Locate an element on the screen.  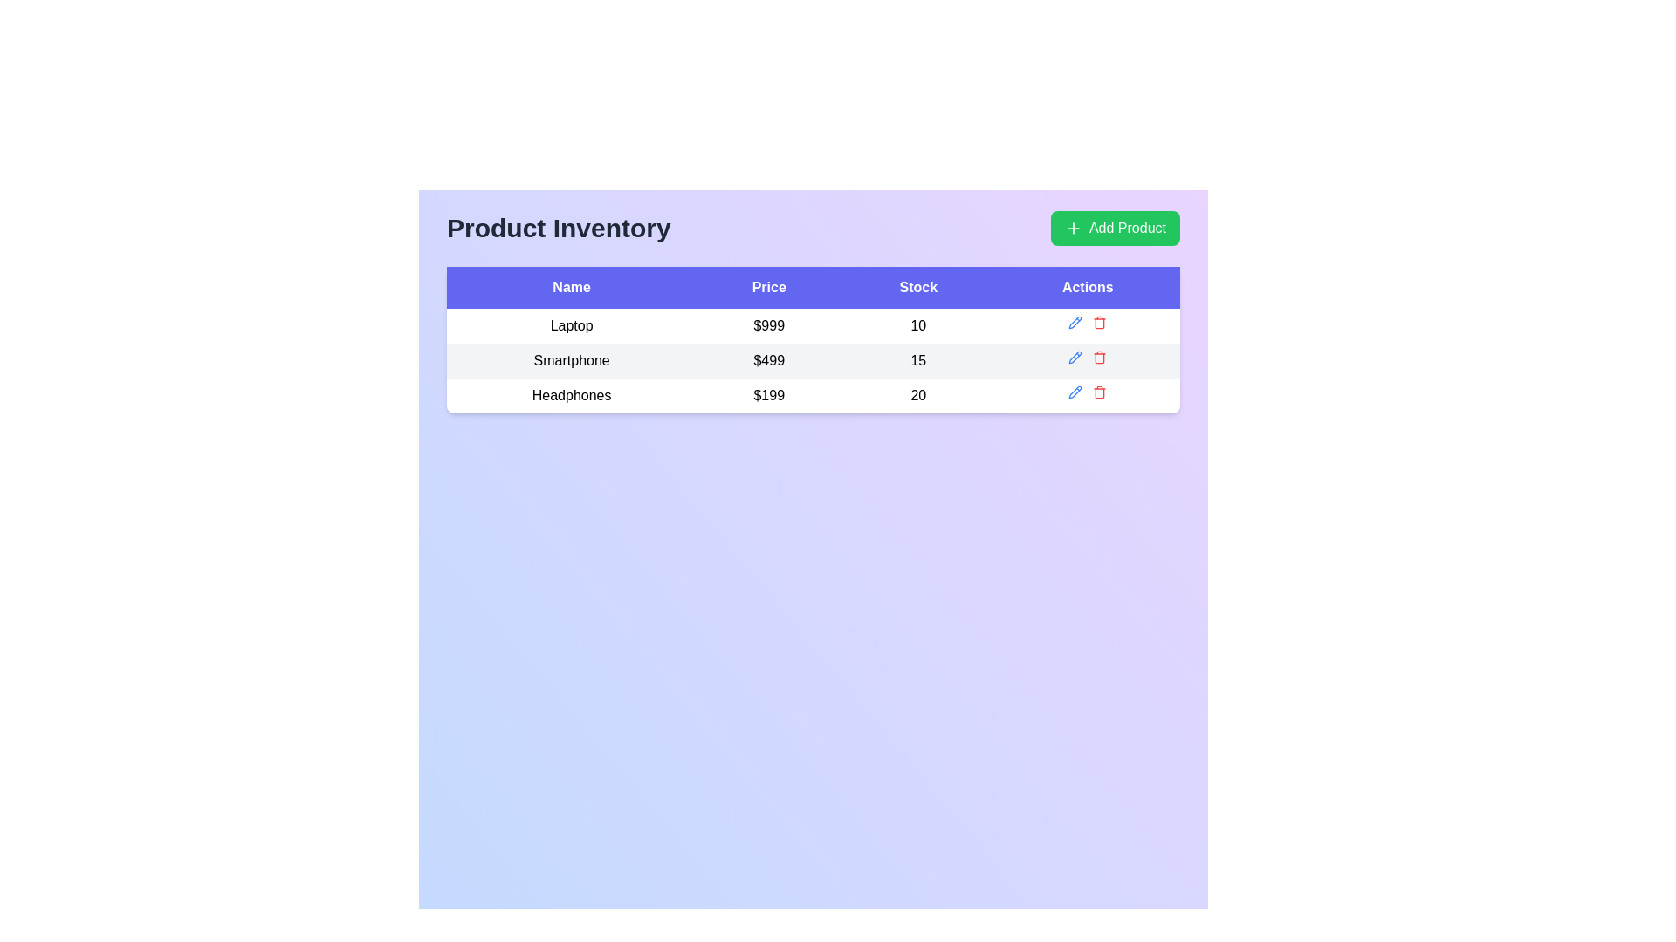
the associated column for the Text Label positioned as the fourth element is located at coordinates (1087, 287).